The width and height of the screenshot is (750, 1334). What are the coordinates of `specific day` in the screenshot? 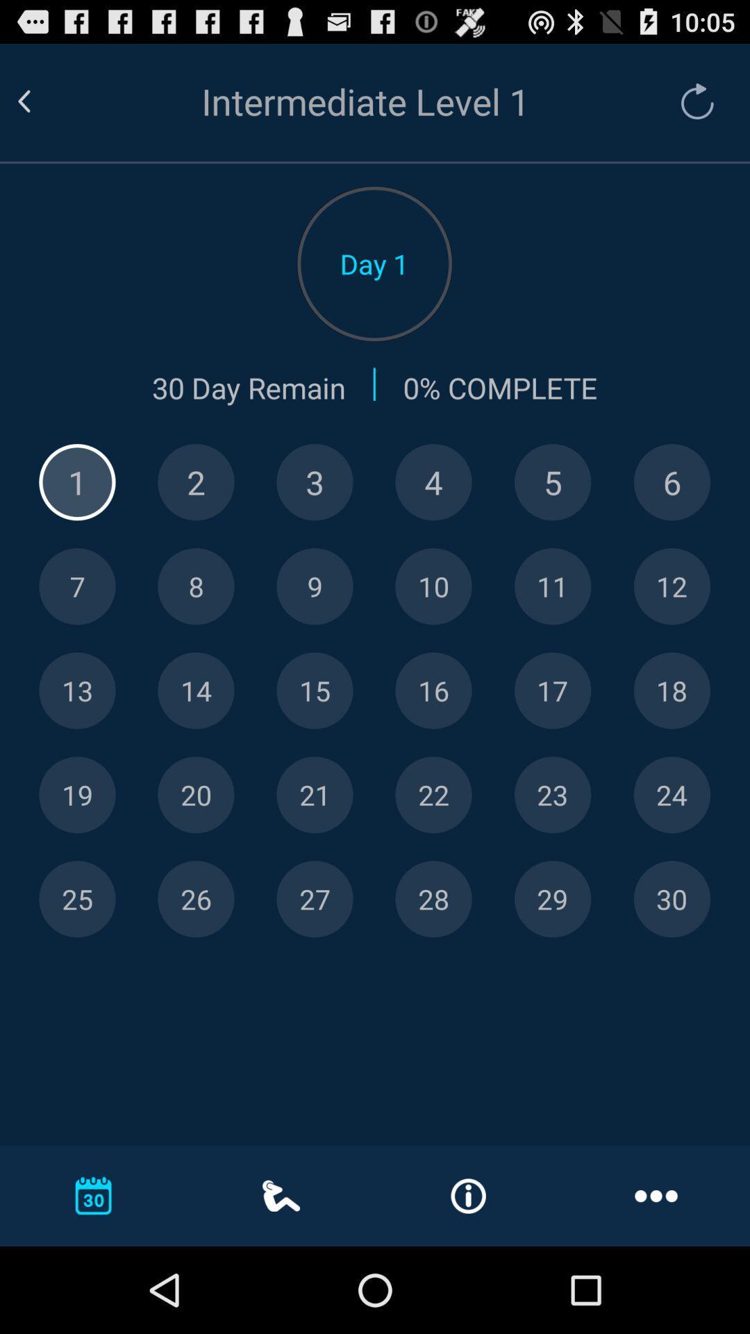 It's located at (433, 795).